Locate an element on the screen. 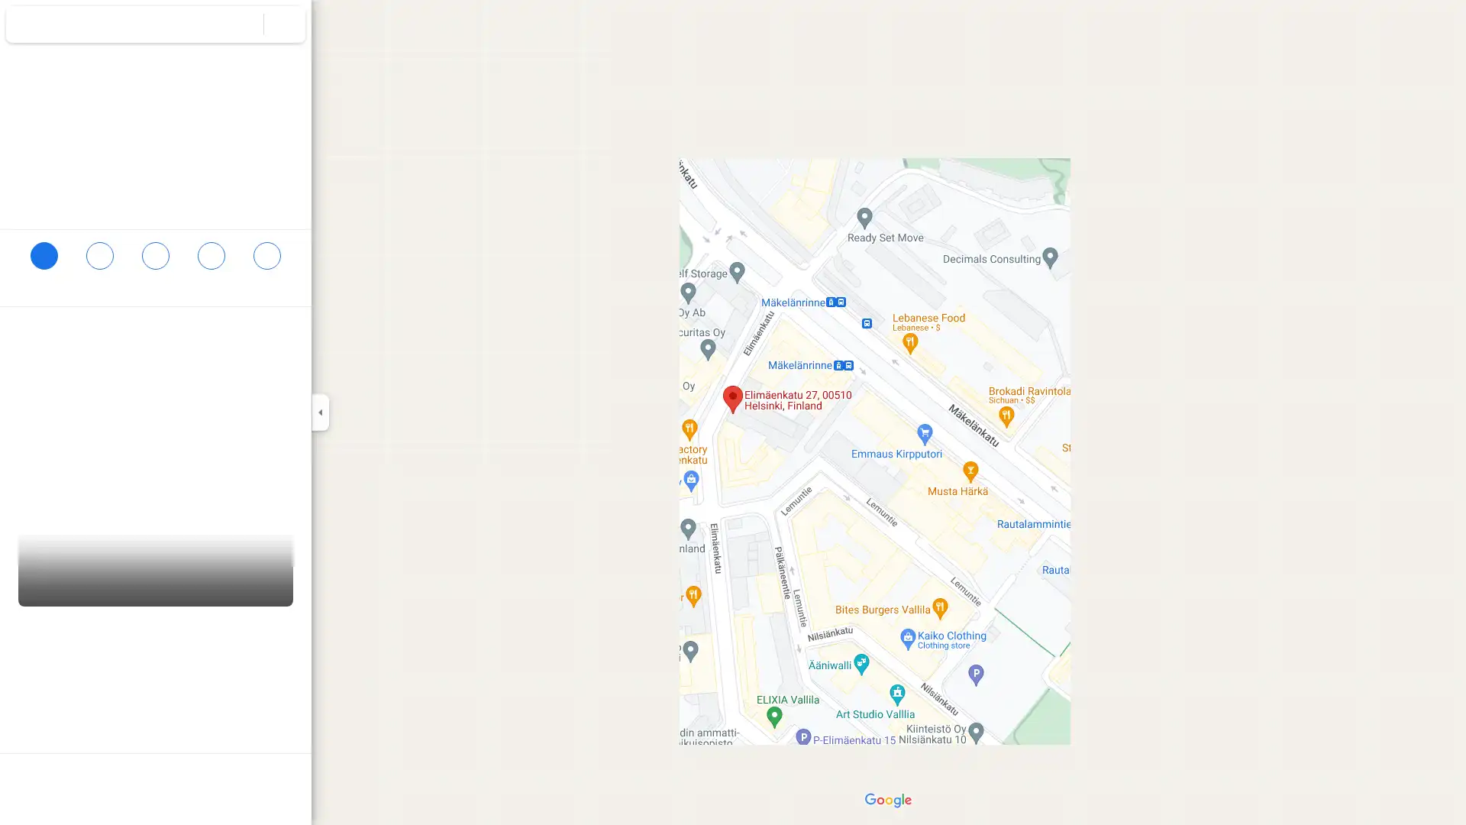 The width and height of the screenshot is (1466, 825). Copy plus code is located at coordinates (251, 365).